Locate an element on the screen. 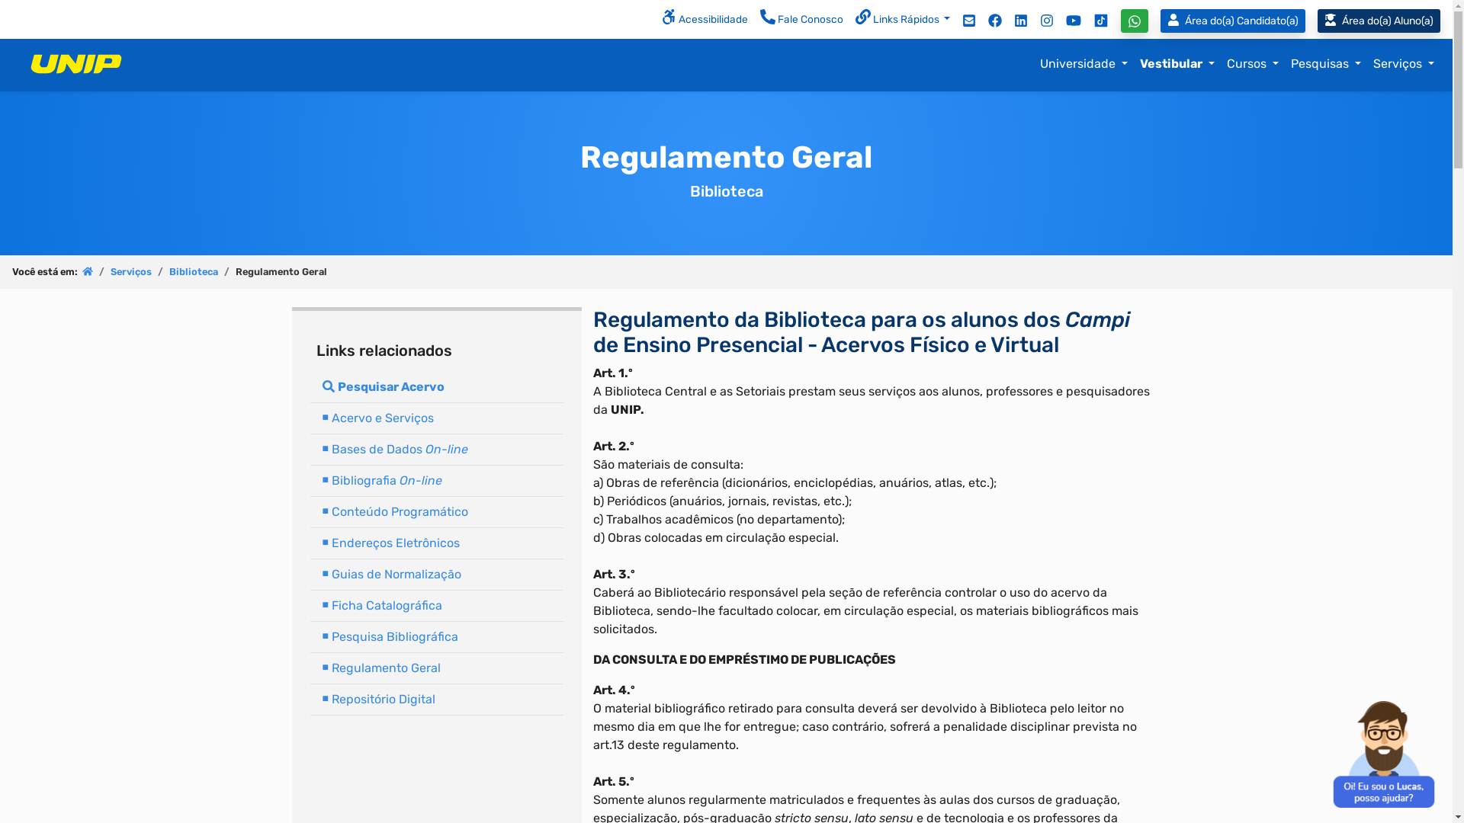 The height and width of the screenshot is (823, 1464). 'Acessibilidade' is located at coordinates (704, 20).